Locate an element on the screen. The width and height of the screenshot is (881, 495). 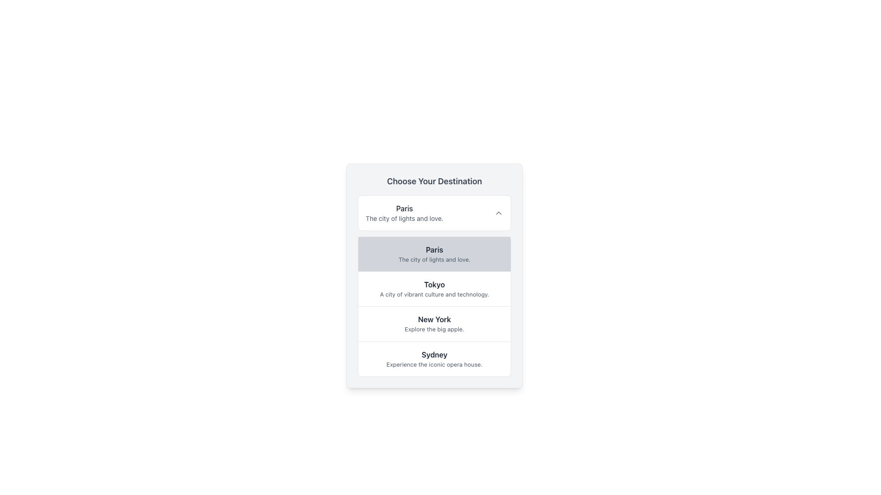
the small downward-pointing gray arrow icon located inside the white box labeled 'Paris: The city of lights and love.' is located at coordinates (498, 213).